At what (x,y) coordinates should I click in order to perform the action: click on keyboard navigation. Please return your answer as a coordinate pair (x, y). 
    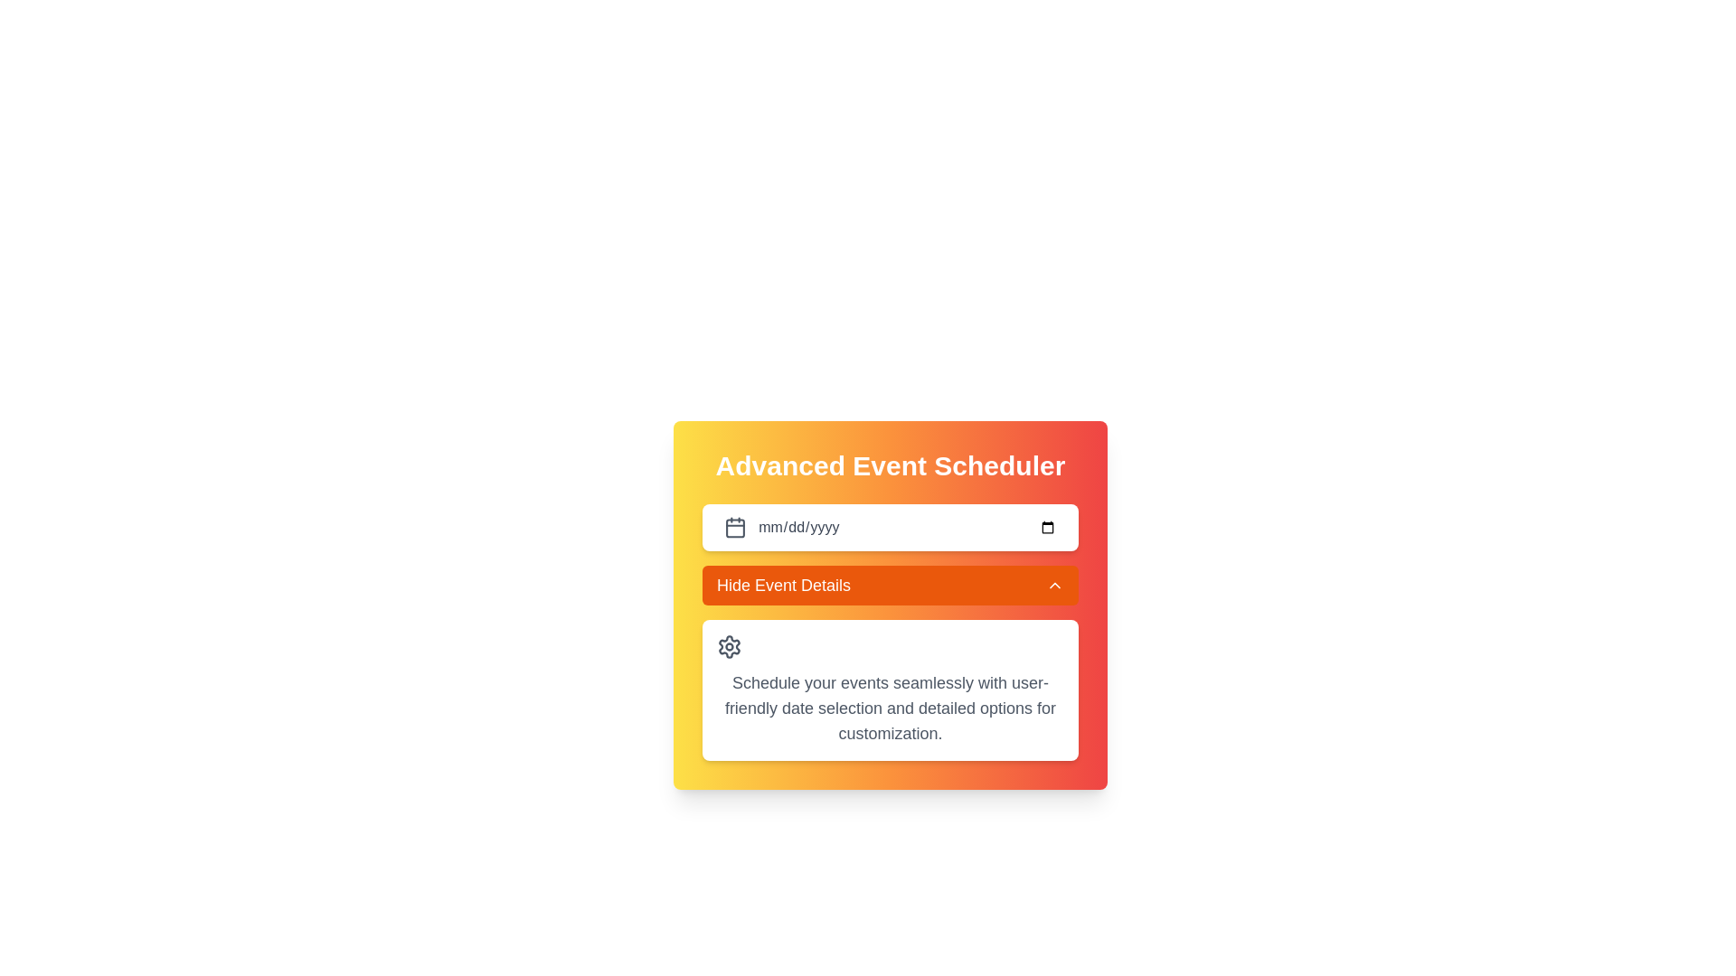
    Looking at the image, I should click on (907, 527).